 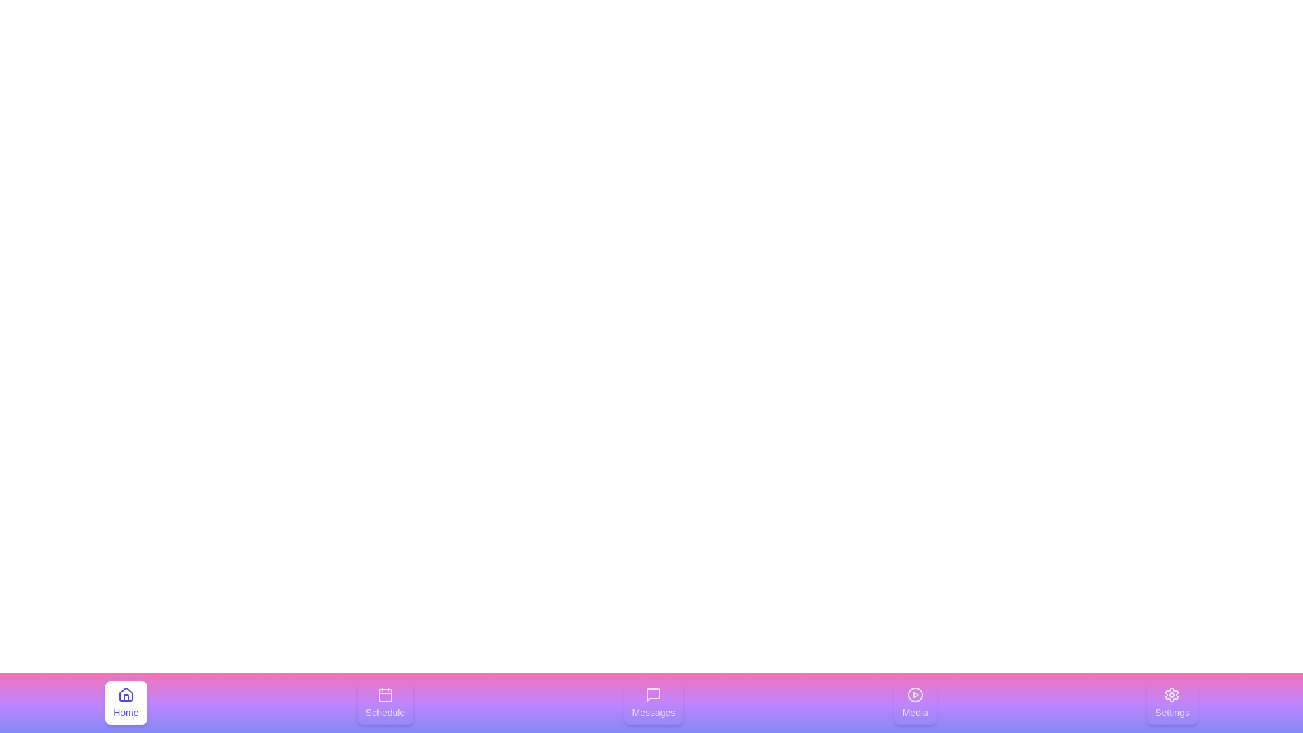 What do you see at coordinates (126, 702) in the screenshot?
I see `the tab labeled Home in the bottom navigation bar` at bounding box center [126, 702].